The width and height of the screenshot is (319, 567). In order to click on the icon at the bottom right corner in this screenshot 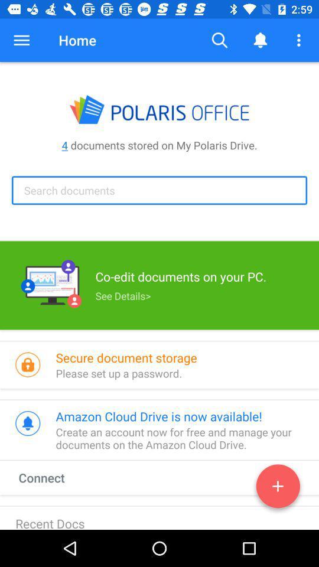, I will do `click(278, 488)`.